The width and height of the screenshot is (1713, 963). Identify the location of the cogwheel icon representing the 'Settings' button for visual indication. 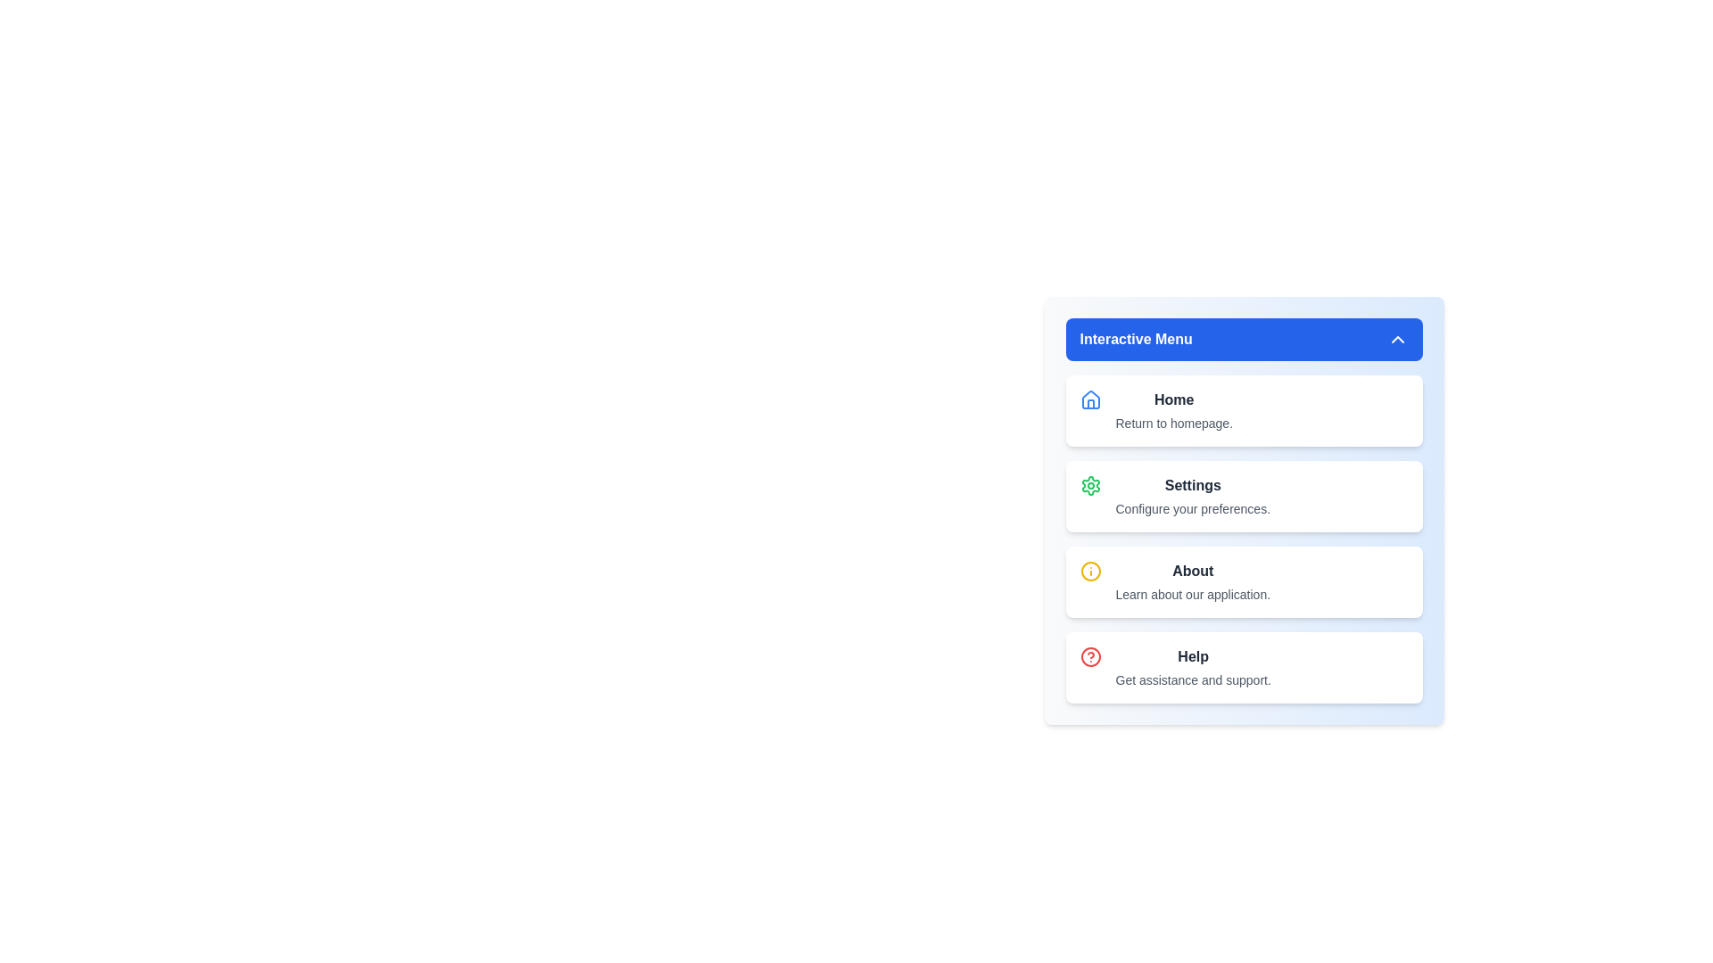
(1089, 485).